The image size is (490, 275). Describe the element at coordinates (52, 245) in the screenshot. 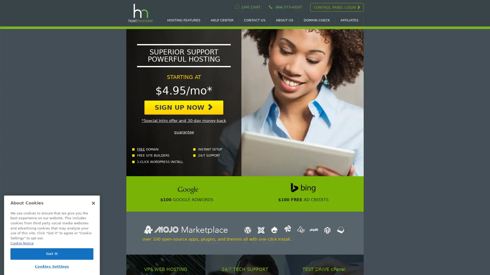

I see `Got It` at that location.